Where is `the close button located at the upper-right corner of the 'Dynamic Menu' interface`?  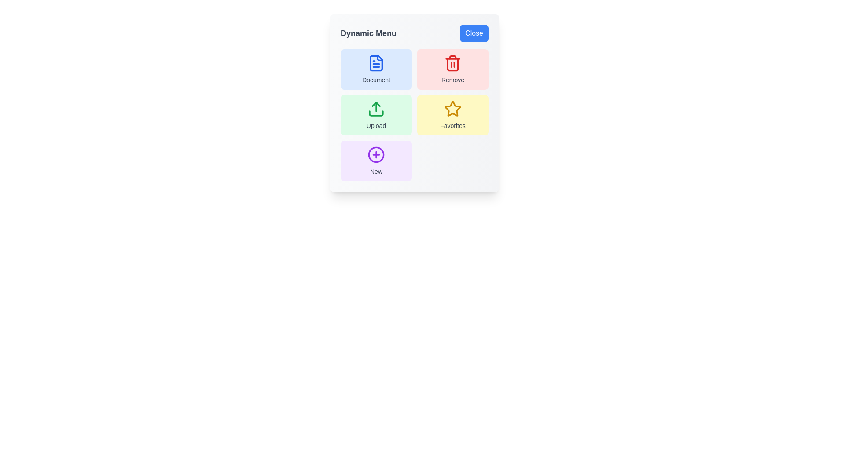 the close button located at the upper-right corner of the 'Dynamic Menu' interface is located at coordinates (474, 33).